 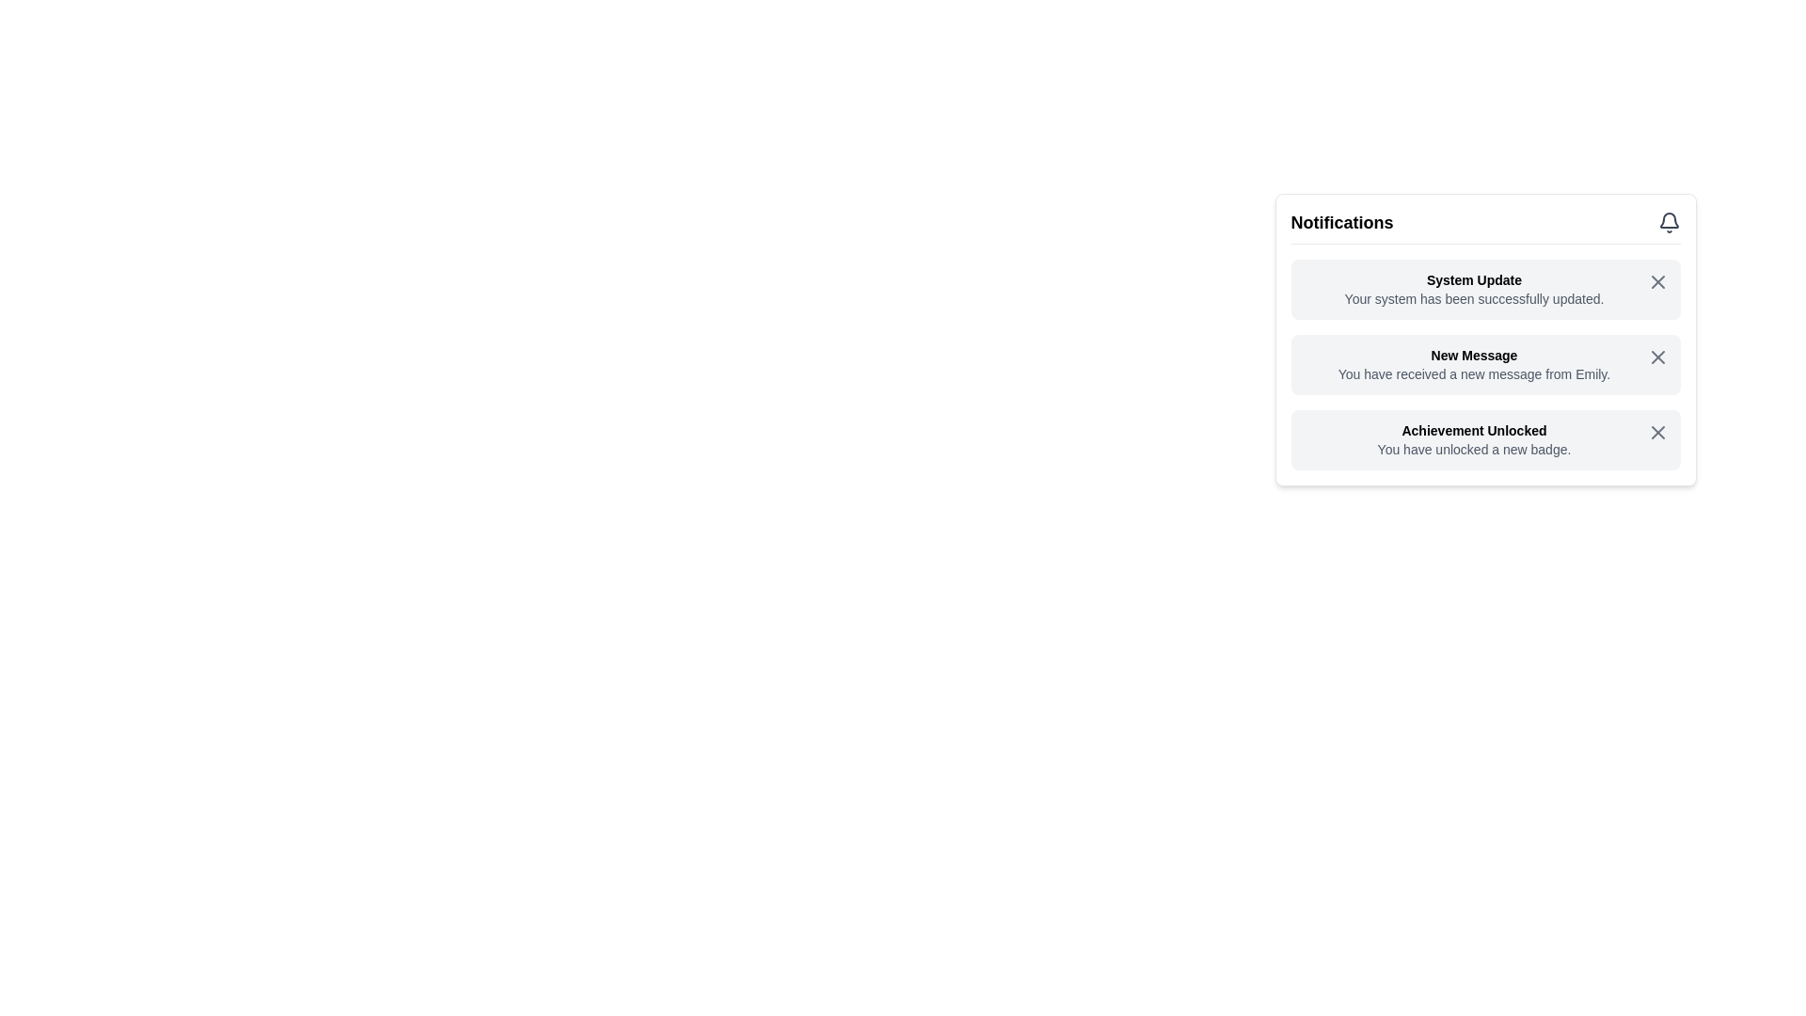 What do you see at coordinates (1669, 221) in the screenshot?
I see `on the bell icon located next` at bounding box center [1669, 221].